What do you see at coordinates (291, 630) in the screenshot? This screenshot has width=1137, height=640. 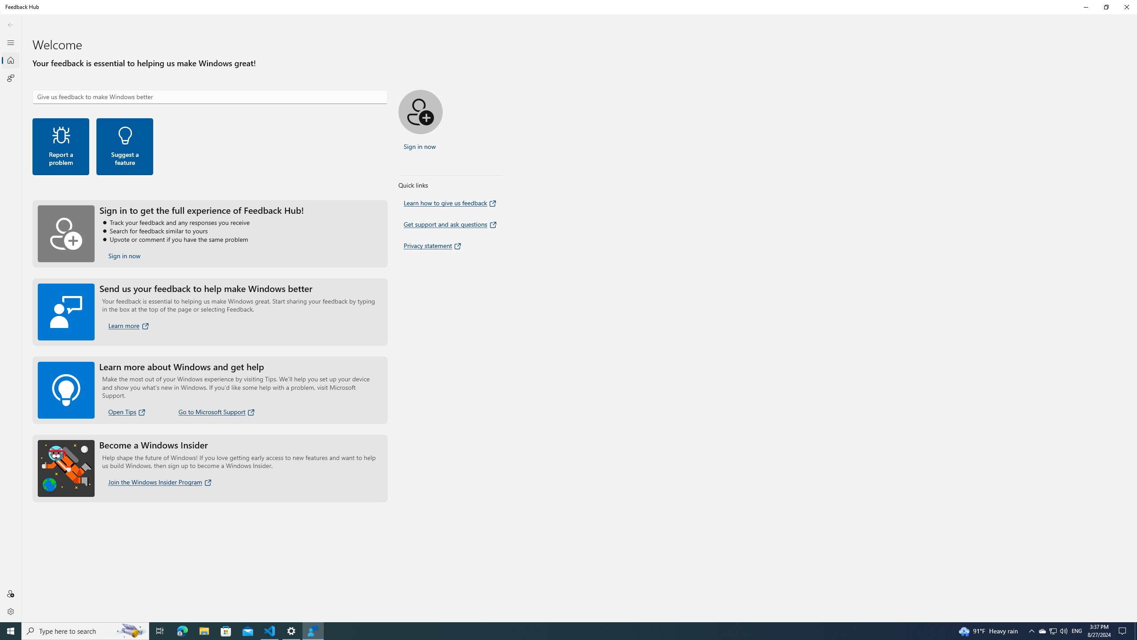 I see `'Settings - 1 running window'` at bounding box center [291, 630].